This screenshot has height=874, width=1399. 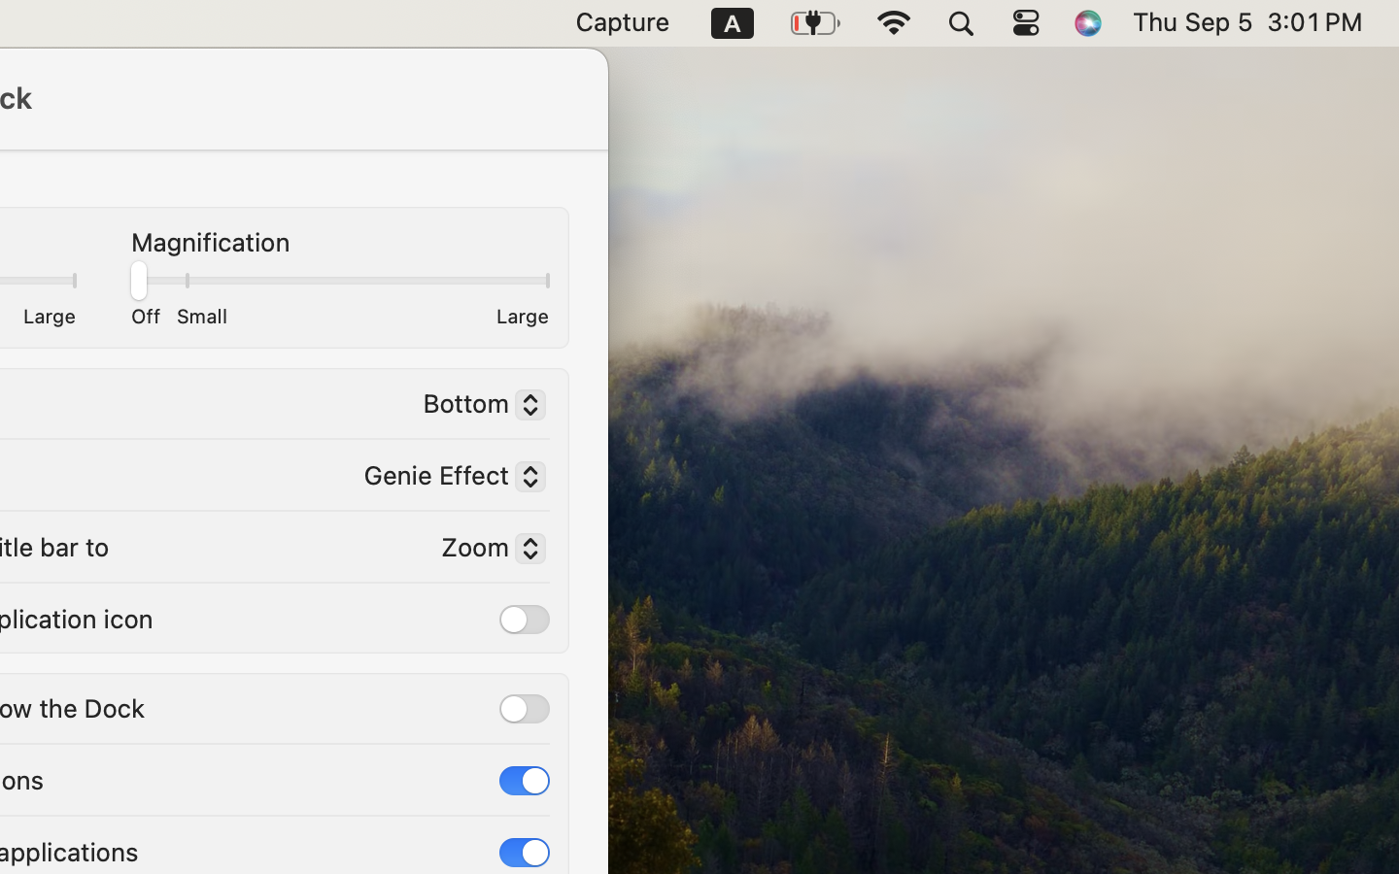 What do you see at coordinates (475, 407) in the screenshot?
I see `'Bottom'` at bounding box center [475, 407].